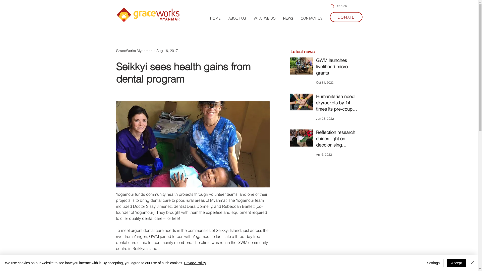 Image resolution: width=482 pixels, height=271 pixels. I want to click on 'Accept', so click(456, 263).